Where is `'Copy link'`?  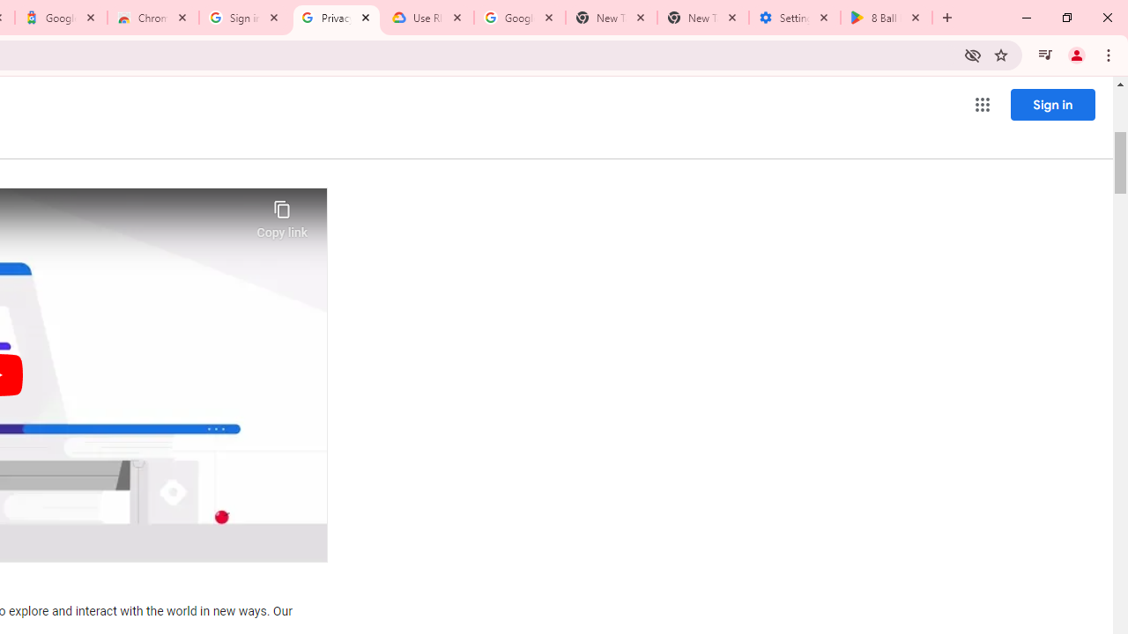 'Copy link' is located at coordinates (282, 214).